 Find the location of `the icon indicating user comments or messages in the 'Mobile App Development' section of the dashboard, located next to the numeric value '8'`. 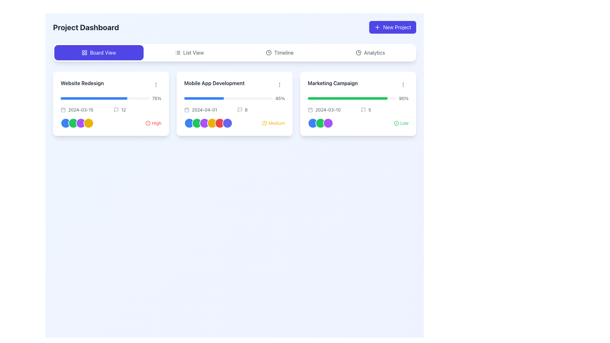

the icon indicating user comments or messages in the 'Mobile App Development' section of the dashboard, located next to the numeric value '8' is located at coordinates (239, 110).